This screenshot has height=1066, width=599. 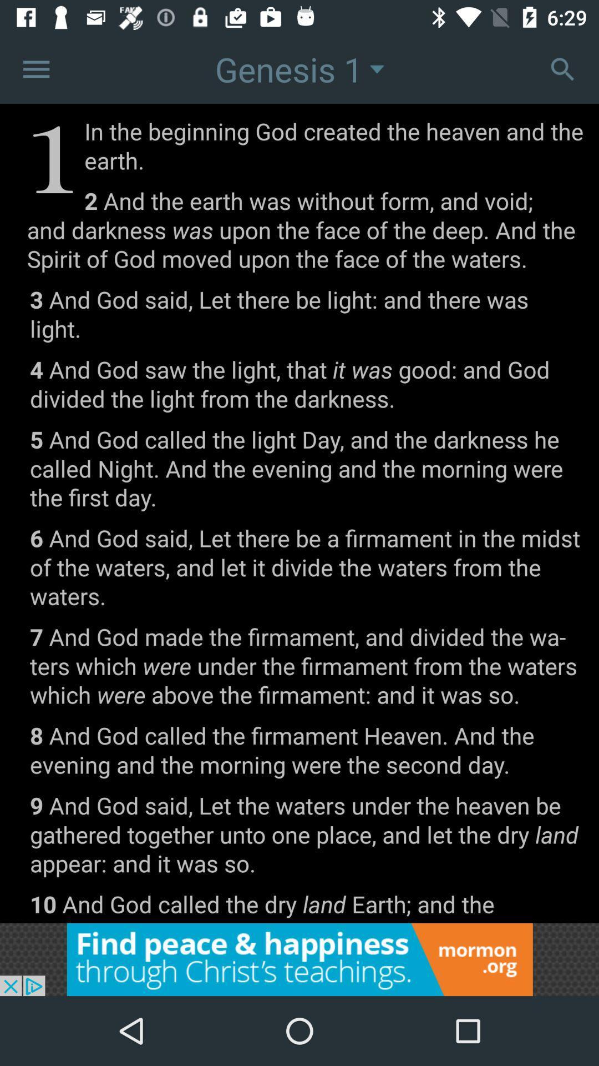 I want to click on settings option, so click(x=562, y=68).